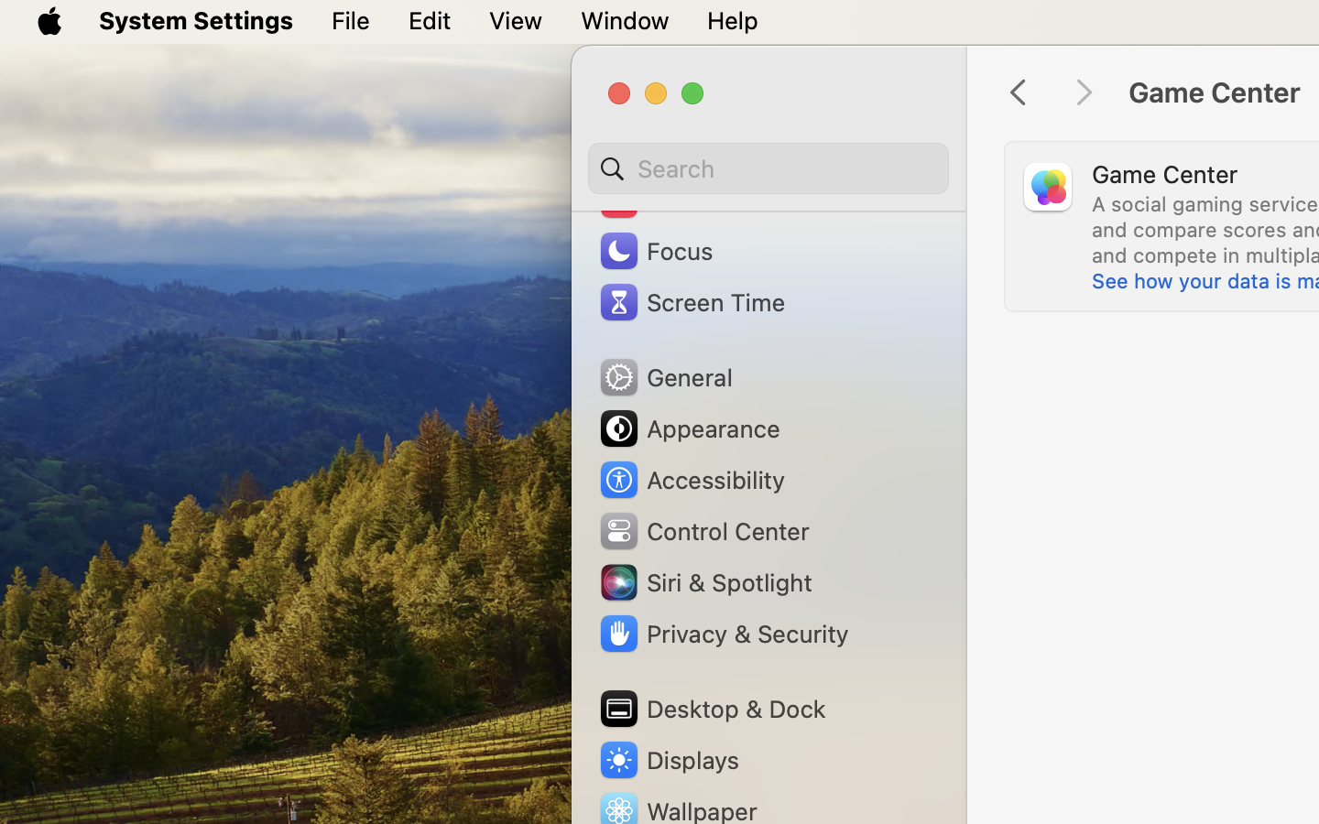 This screenshot has width=1319, height=824. I want to click on 'Desktop & Dock', so click(711, 708).